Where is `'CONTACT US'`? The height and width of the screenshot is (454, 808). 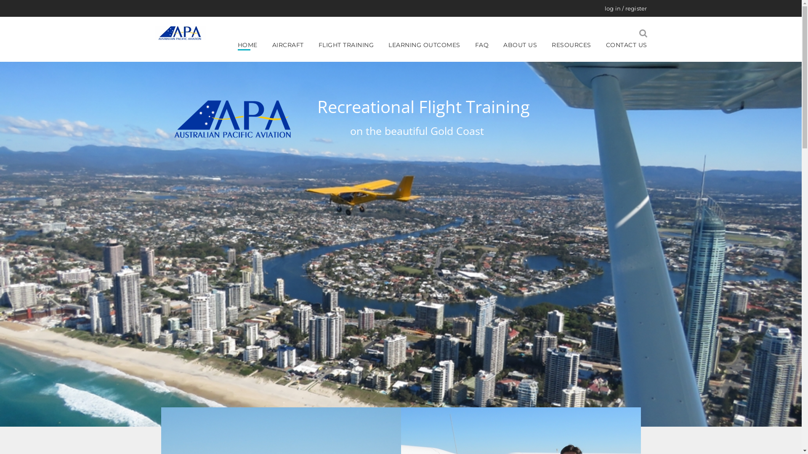 'CONTACT US' is located at coordinates (626, 45).